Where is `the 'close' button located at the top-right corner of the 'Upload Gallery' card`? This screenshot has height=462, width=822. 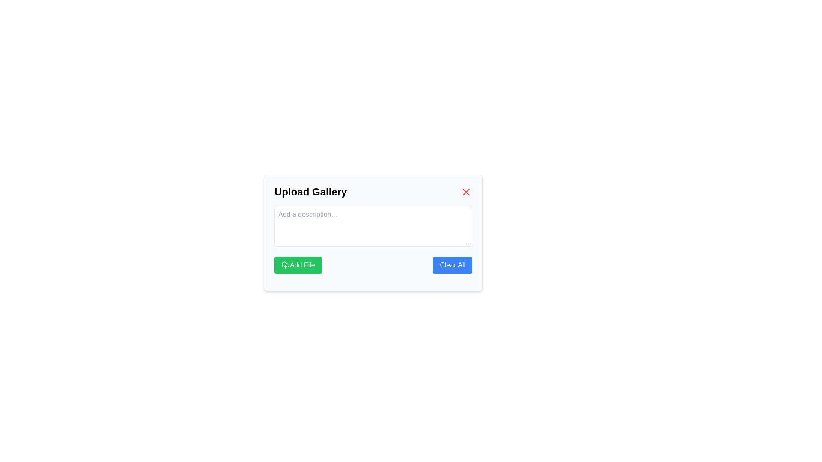 the 'close' button located at the top-right corner of the 'Upload Gallery' card is located at coordinates (466, 191).